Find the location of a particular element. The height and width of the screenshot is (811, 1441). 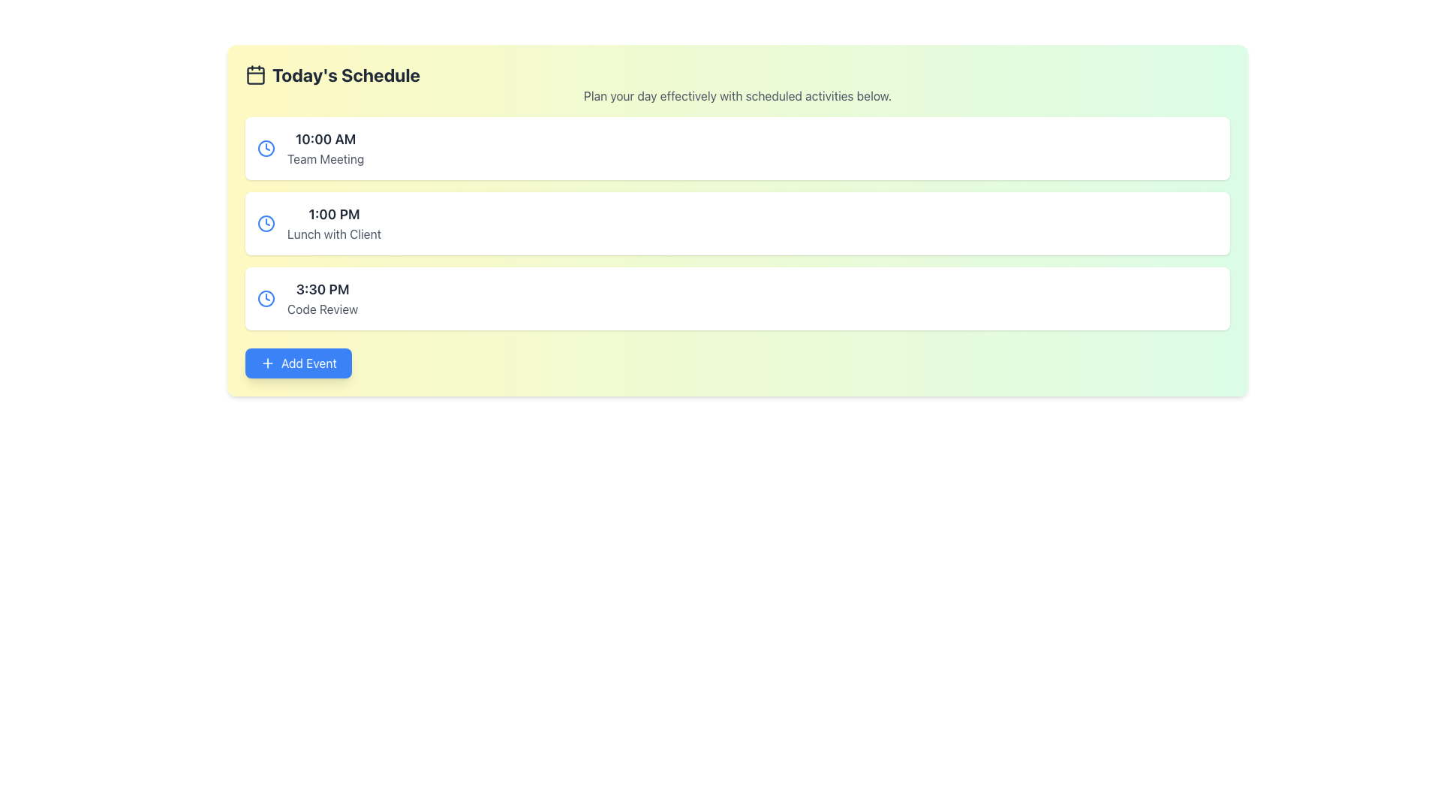

the second scheduled event entry in the daily planner, which shows '1:00 PM Lunch with Client' is located at coordinates (333, 223).